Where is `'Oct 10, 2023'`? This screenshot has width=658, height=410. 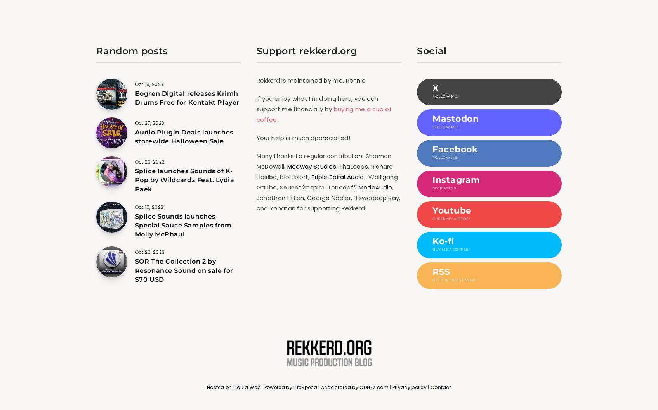 'Oct 10, 2023' is located at coordinates (148, 207).